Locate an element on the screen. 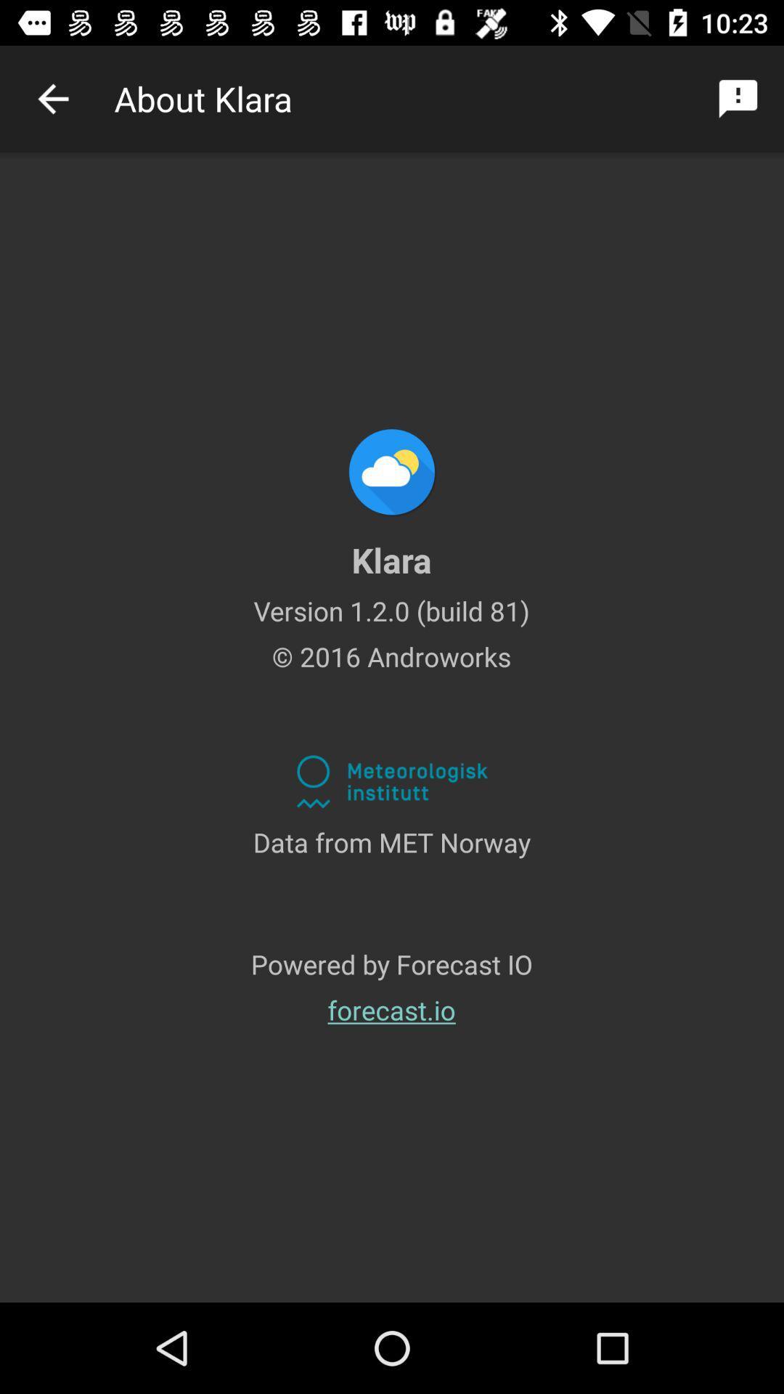 The height and width of the screenshot is (1394, 784). app next to about klara icon is located at coordinates (738, 98).